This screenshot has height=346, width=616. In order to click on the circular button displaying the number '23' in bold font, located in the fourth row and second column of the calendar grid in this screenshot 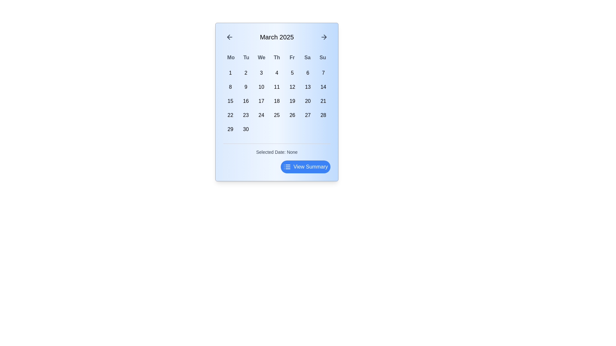, I will do `click(245, 115)`.